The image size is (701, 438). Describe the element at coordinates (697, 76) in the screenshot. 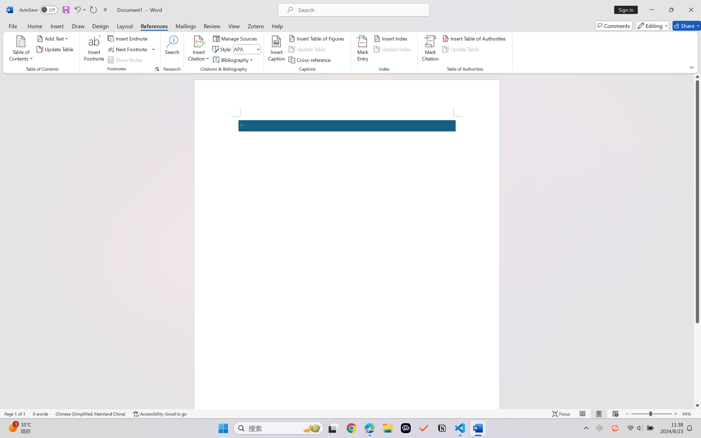

I see `'Line up'` at that location.